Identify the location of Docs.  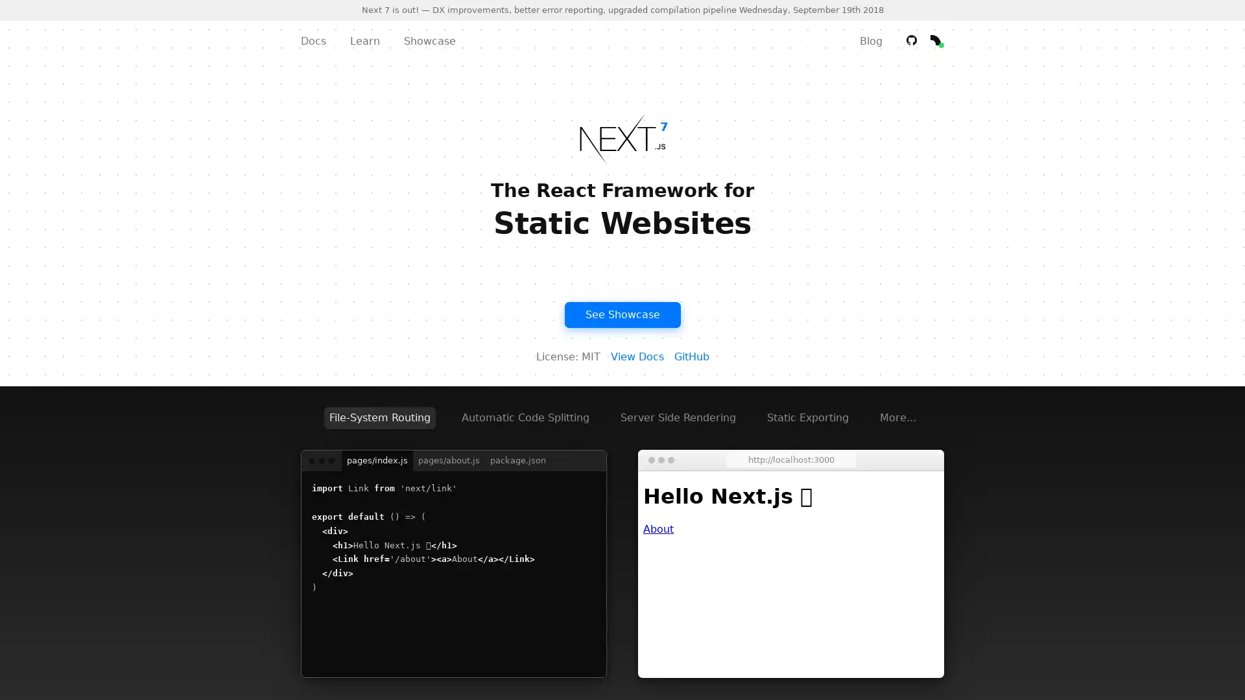
(313, 40).